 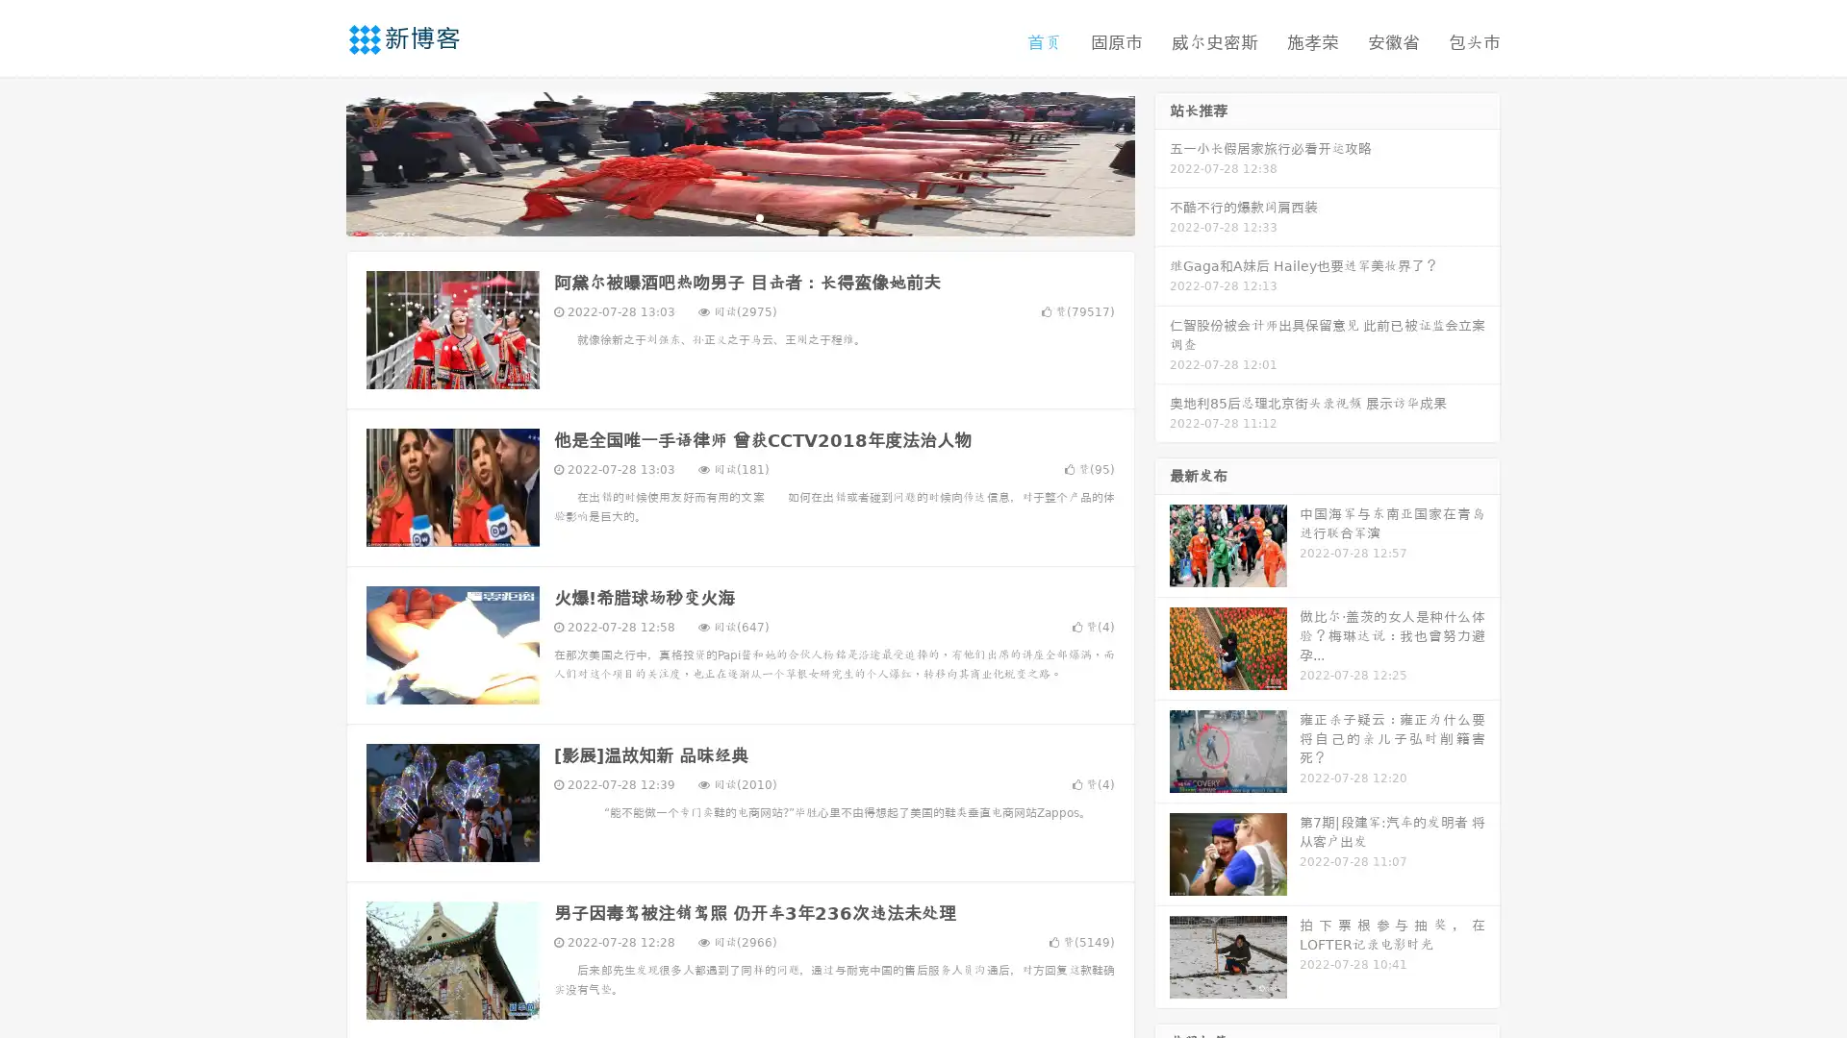 What do you see at coordinates (739, 216) in the screenshot?
I see `Go to slide 2` at bounding box center [739, 216].